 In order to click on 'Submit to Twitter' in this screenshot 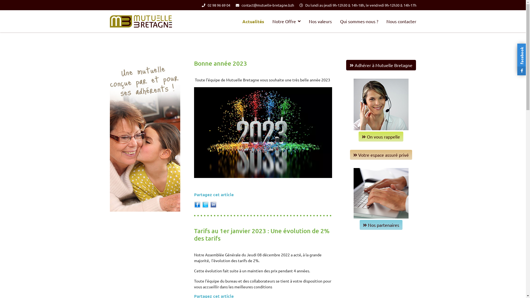, I will do `click(202, 204)`.